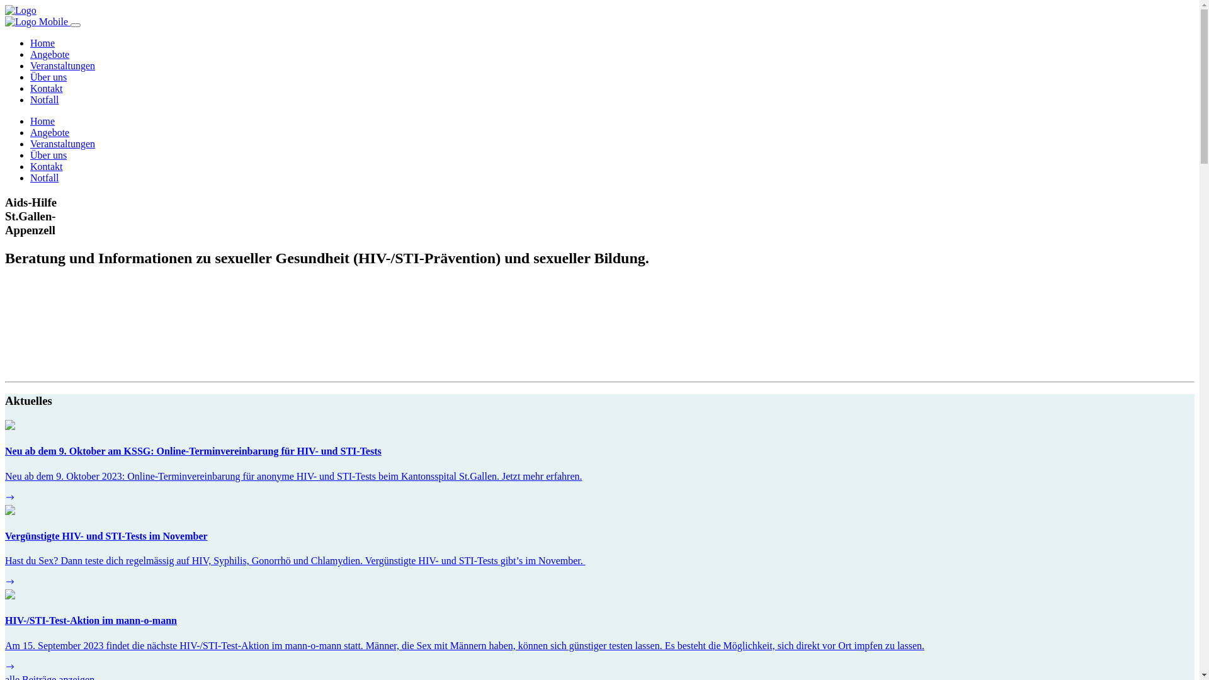 The width and height of the screenshot is (1209, 680). What do you see at coordinates (62, 65) in the screenshot?
I see `'Veranstaltungen'` at bounding box center [62, 65].